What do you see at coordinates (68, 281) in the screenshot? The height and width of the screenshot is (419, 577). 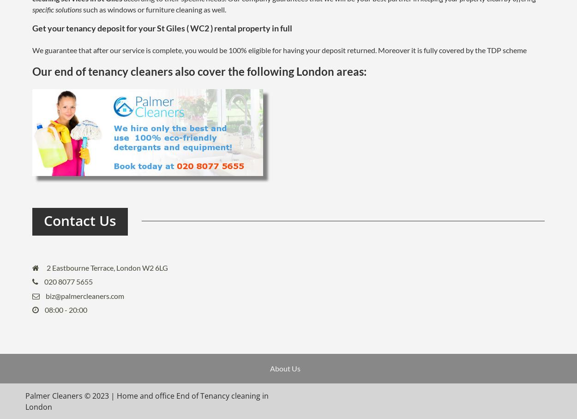 I see `'020 8077 5655'` at bounding box center [68, 281].